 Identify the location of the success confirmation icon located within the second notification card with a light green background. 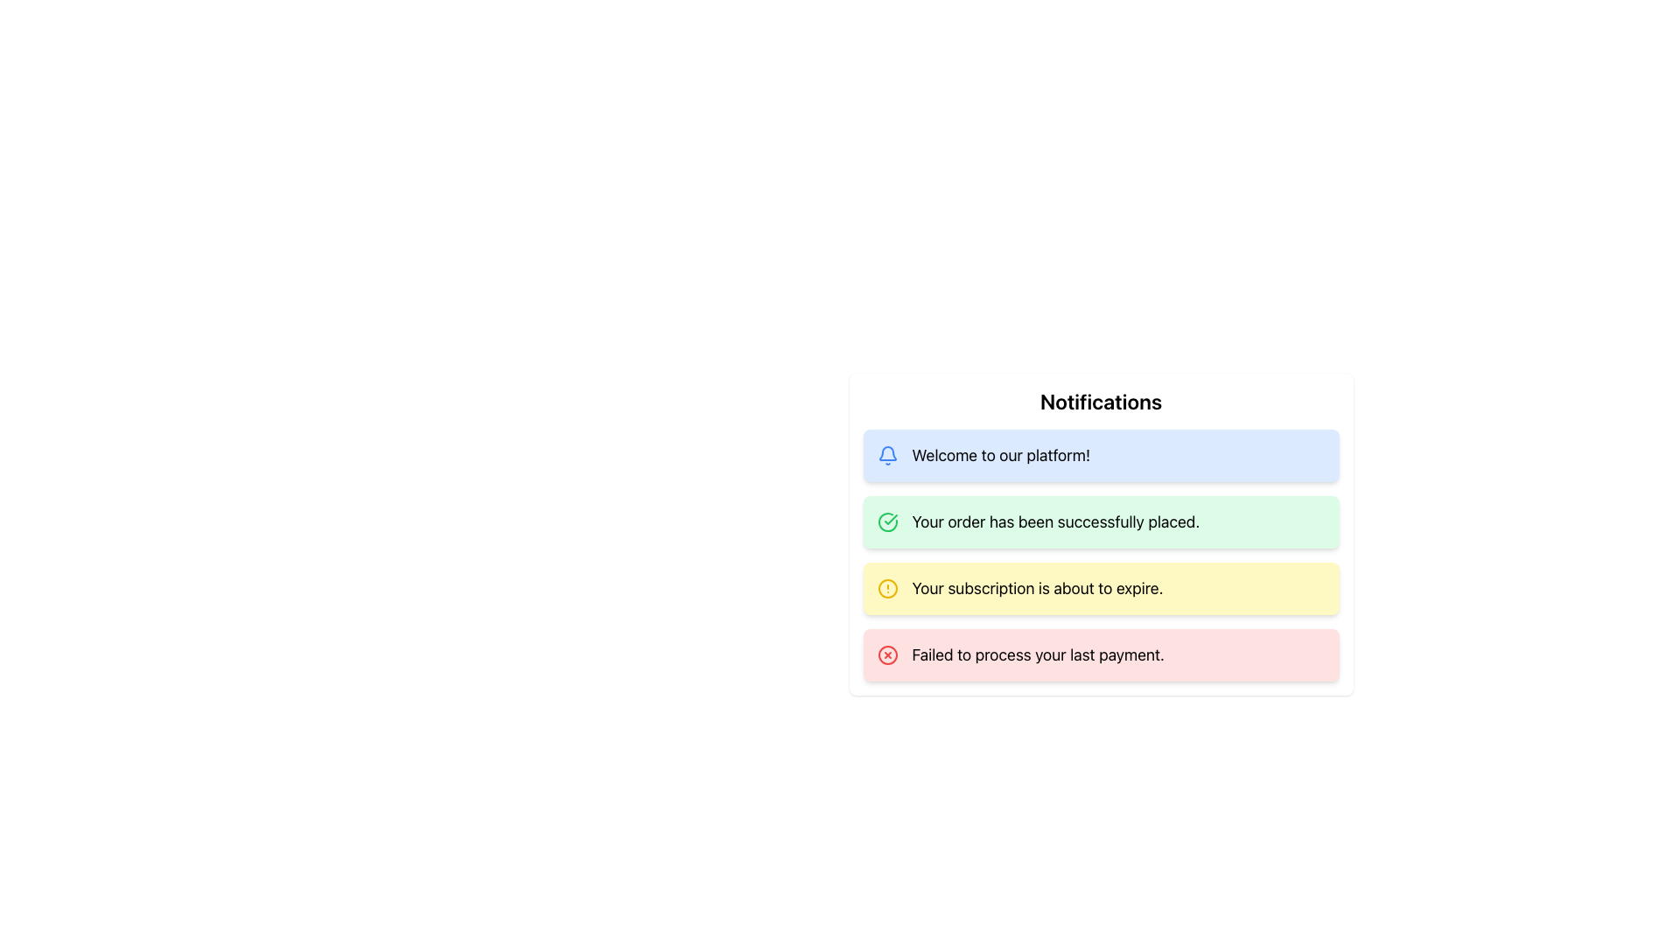
(887, 521).